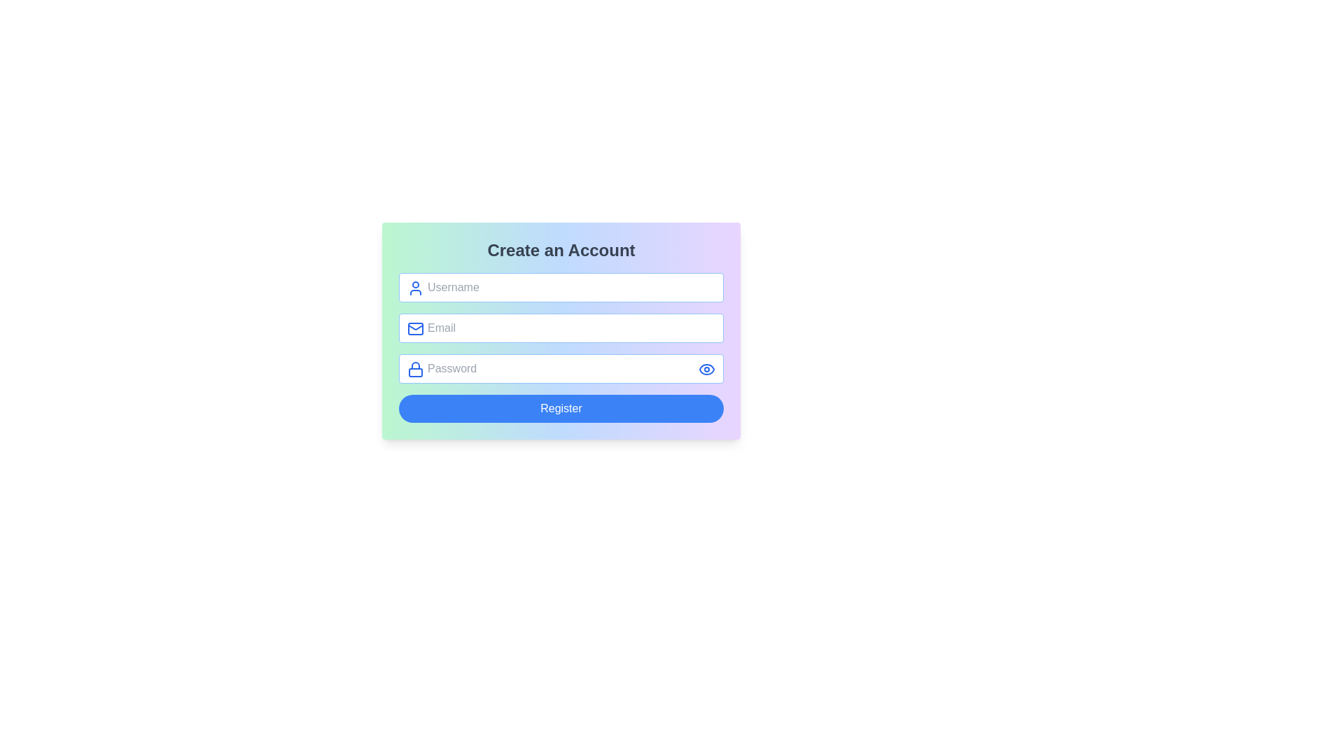 This screenshot has width=1344, height=756. What do you see at coordinates (415, 329) in the screenshot?
I see `the decorative SVG Rectangle that visually represents the email icon, which cues the user for email input` at bounding box center [415, 329].